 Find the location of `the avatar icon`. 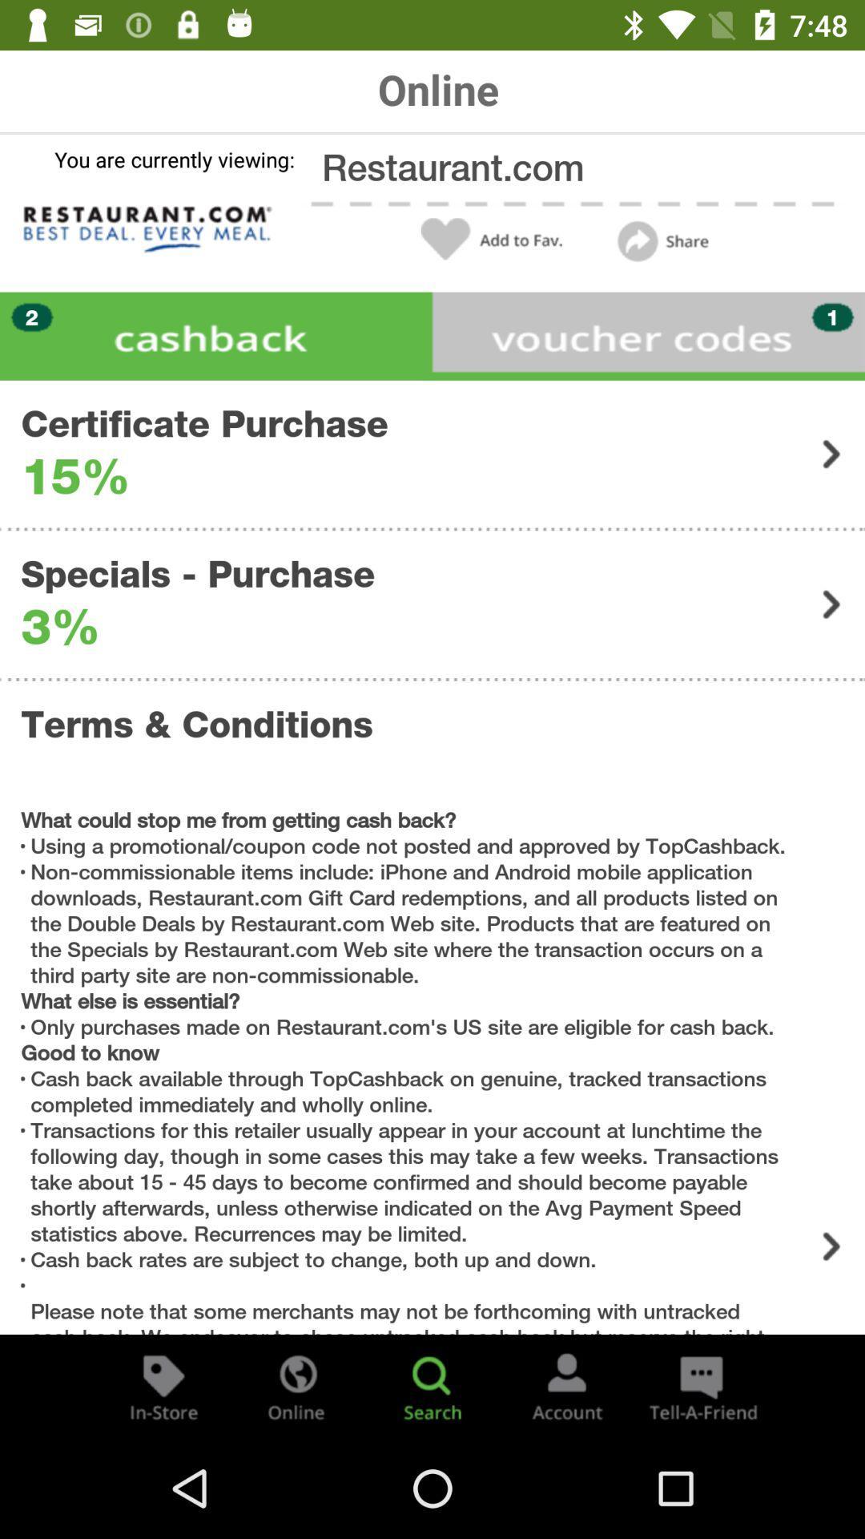

the avatar icon is located at coordinates (566, 1385).